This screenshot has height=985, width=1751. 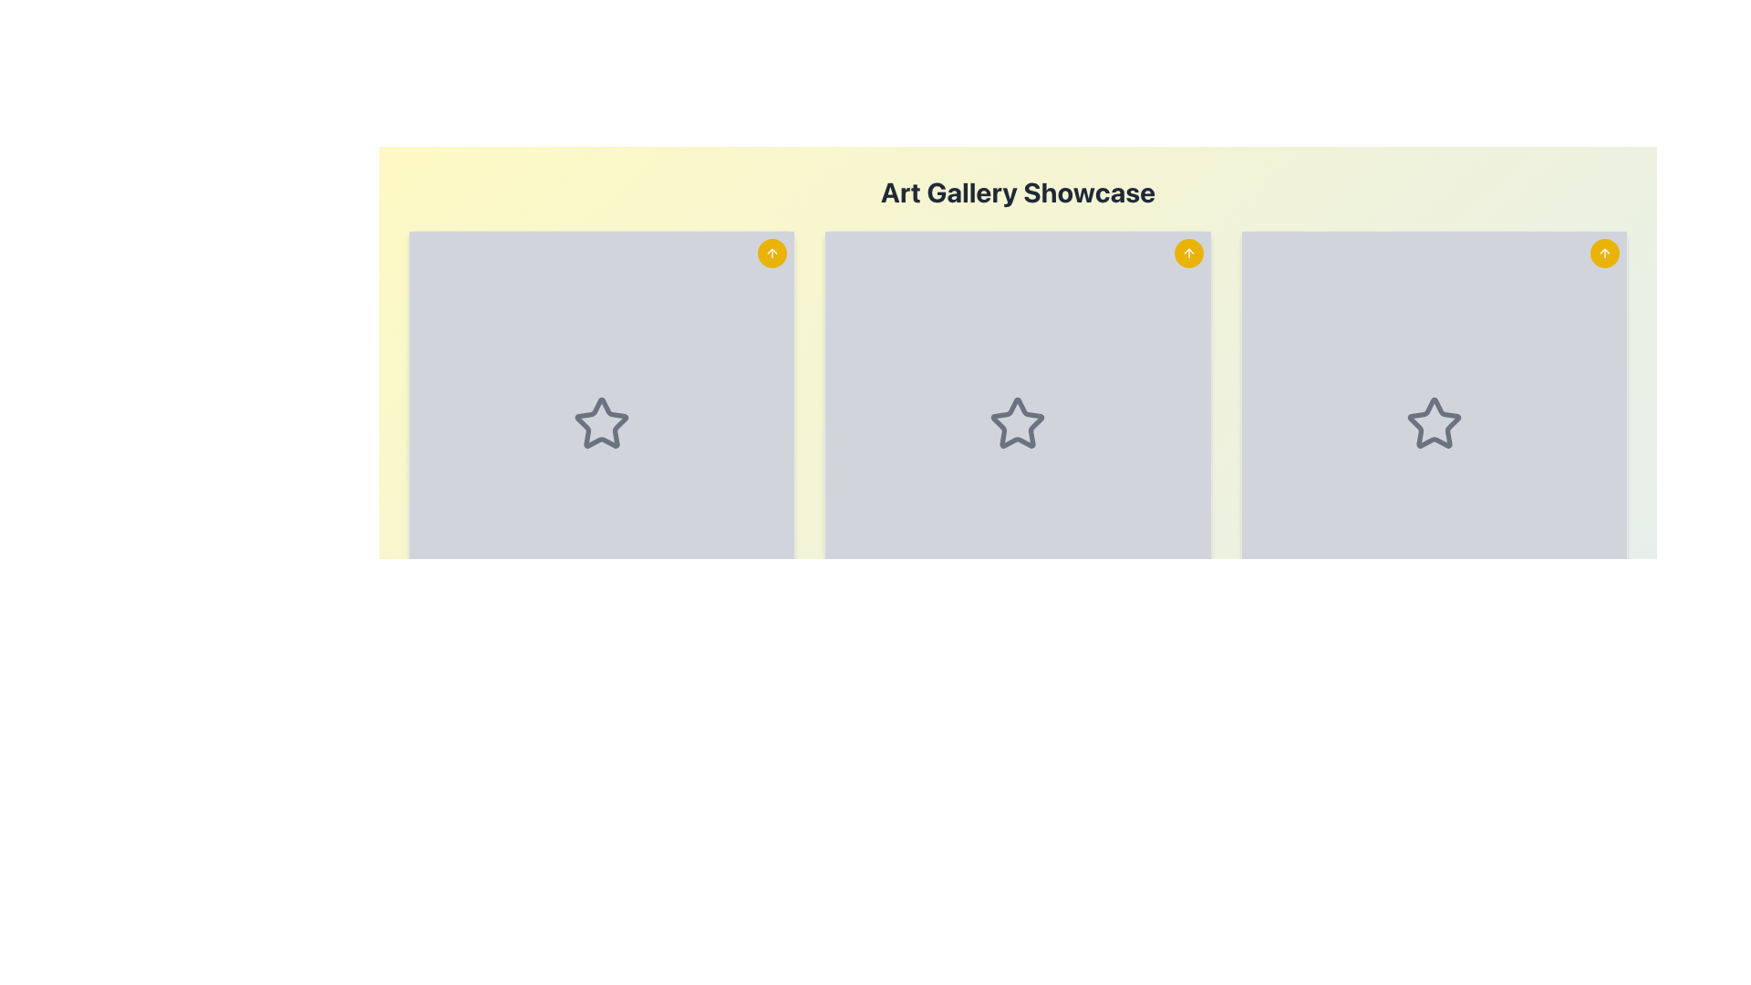 I want to click on the rightmost star-shaped outline icon in the gray square box under the heading 'Art Gallery Showcase' to interact with or select it, so click(x=1433, y=422).